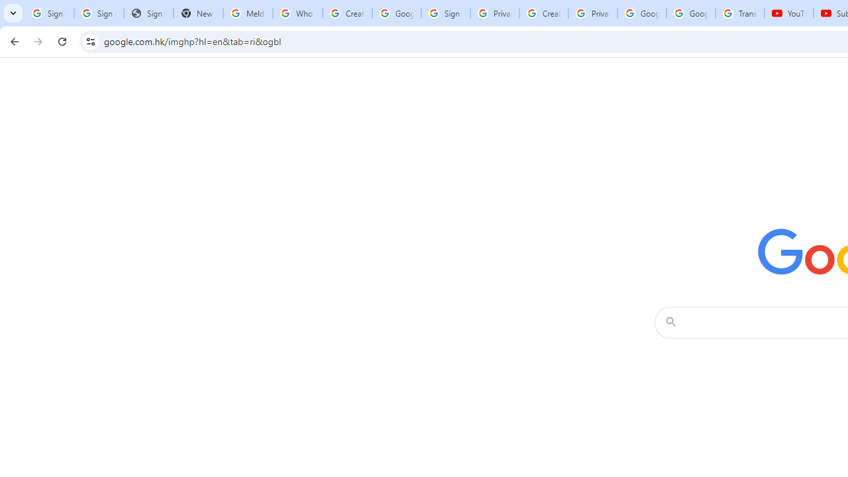 Image resolution: width=848 pixels, height=477 pixels. I want to click on 'Forward', so click(38, 40).